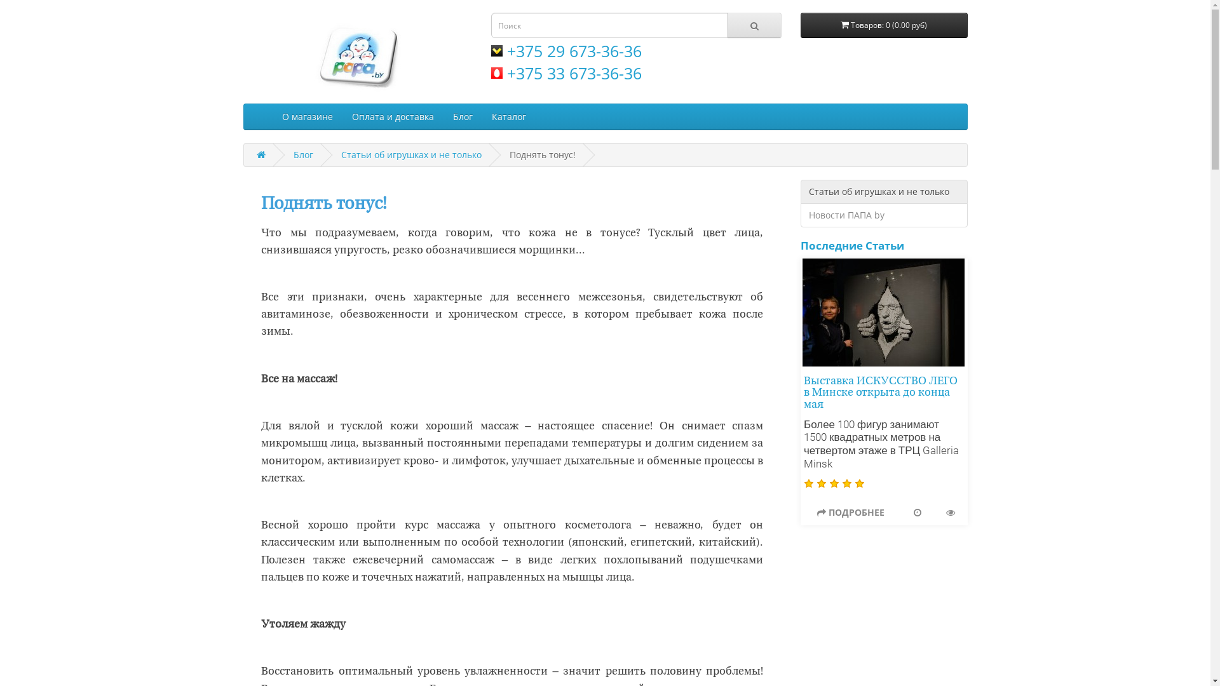  I want to click on 'papa.by', so click(356, 54).